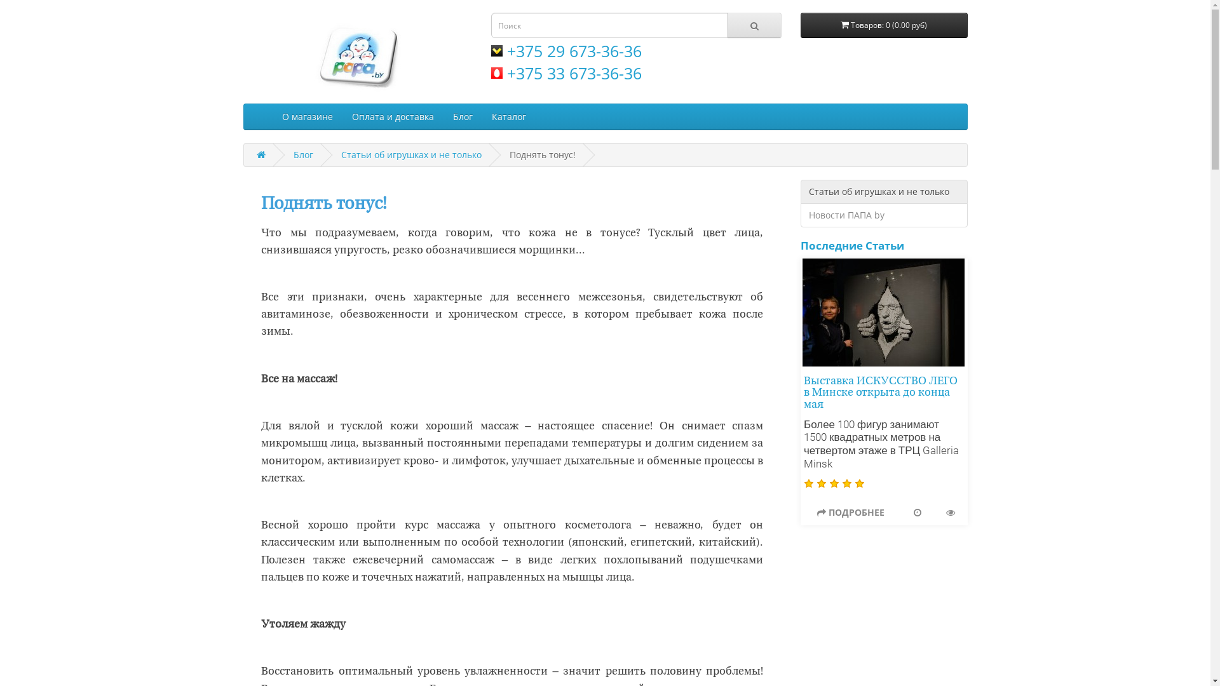  I want to click on 'papa.by', so click(356, 54).